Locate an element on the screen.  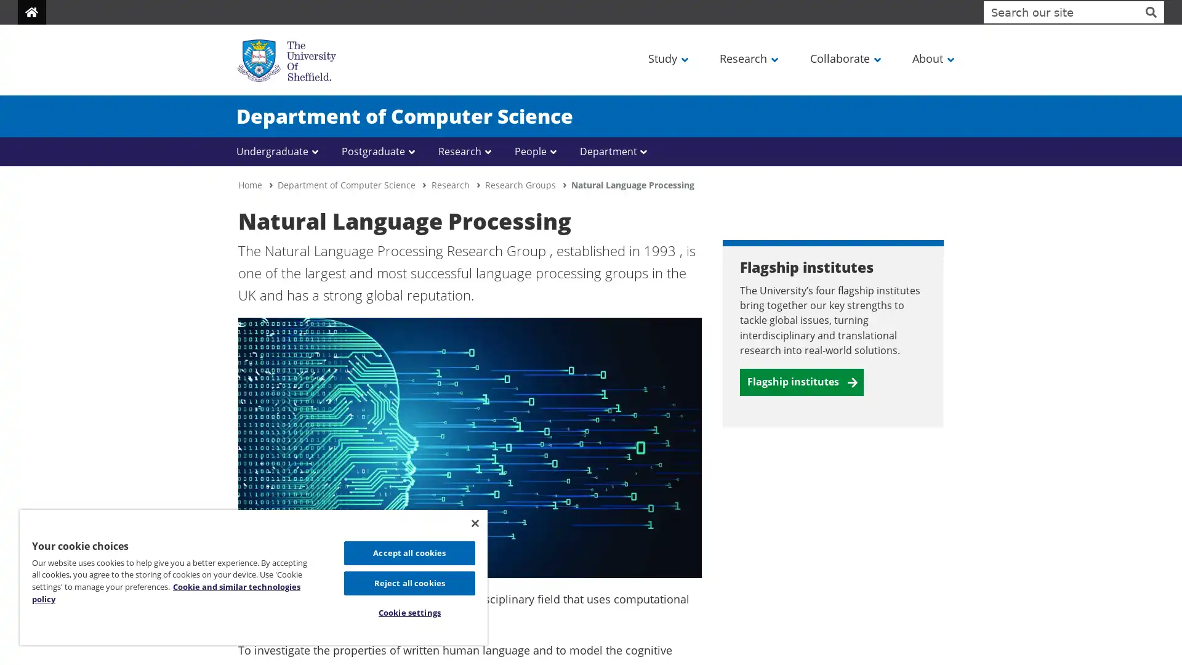
Research is located at coordinates (466, 151).